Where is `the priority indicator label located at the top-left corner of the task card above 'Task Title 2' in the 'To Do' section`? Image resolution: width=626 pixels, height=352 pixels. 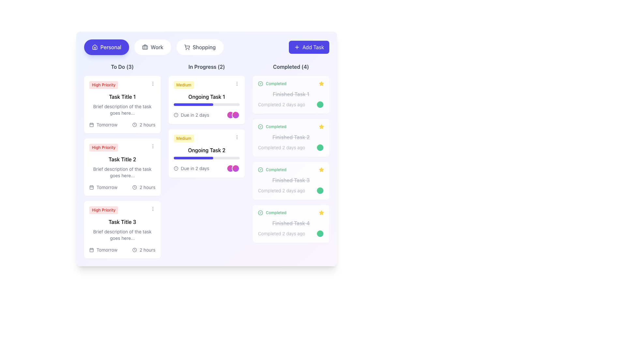
the priority indicator label located at the top-left corner of the task card above 'Task Title 2' in the 'To Do' section is located at coordinates (103, 147).